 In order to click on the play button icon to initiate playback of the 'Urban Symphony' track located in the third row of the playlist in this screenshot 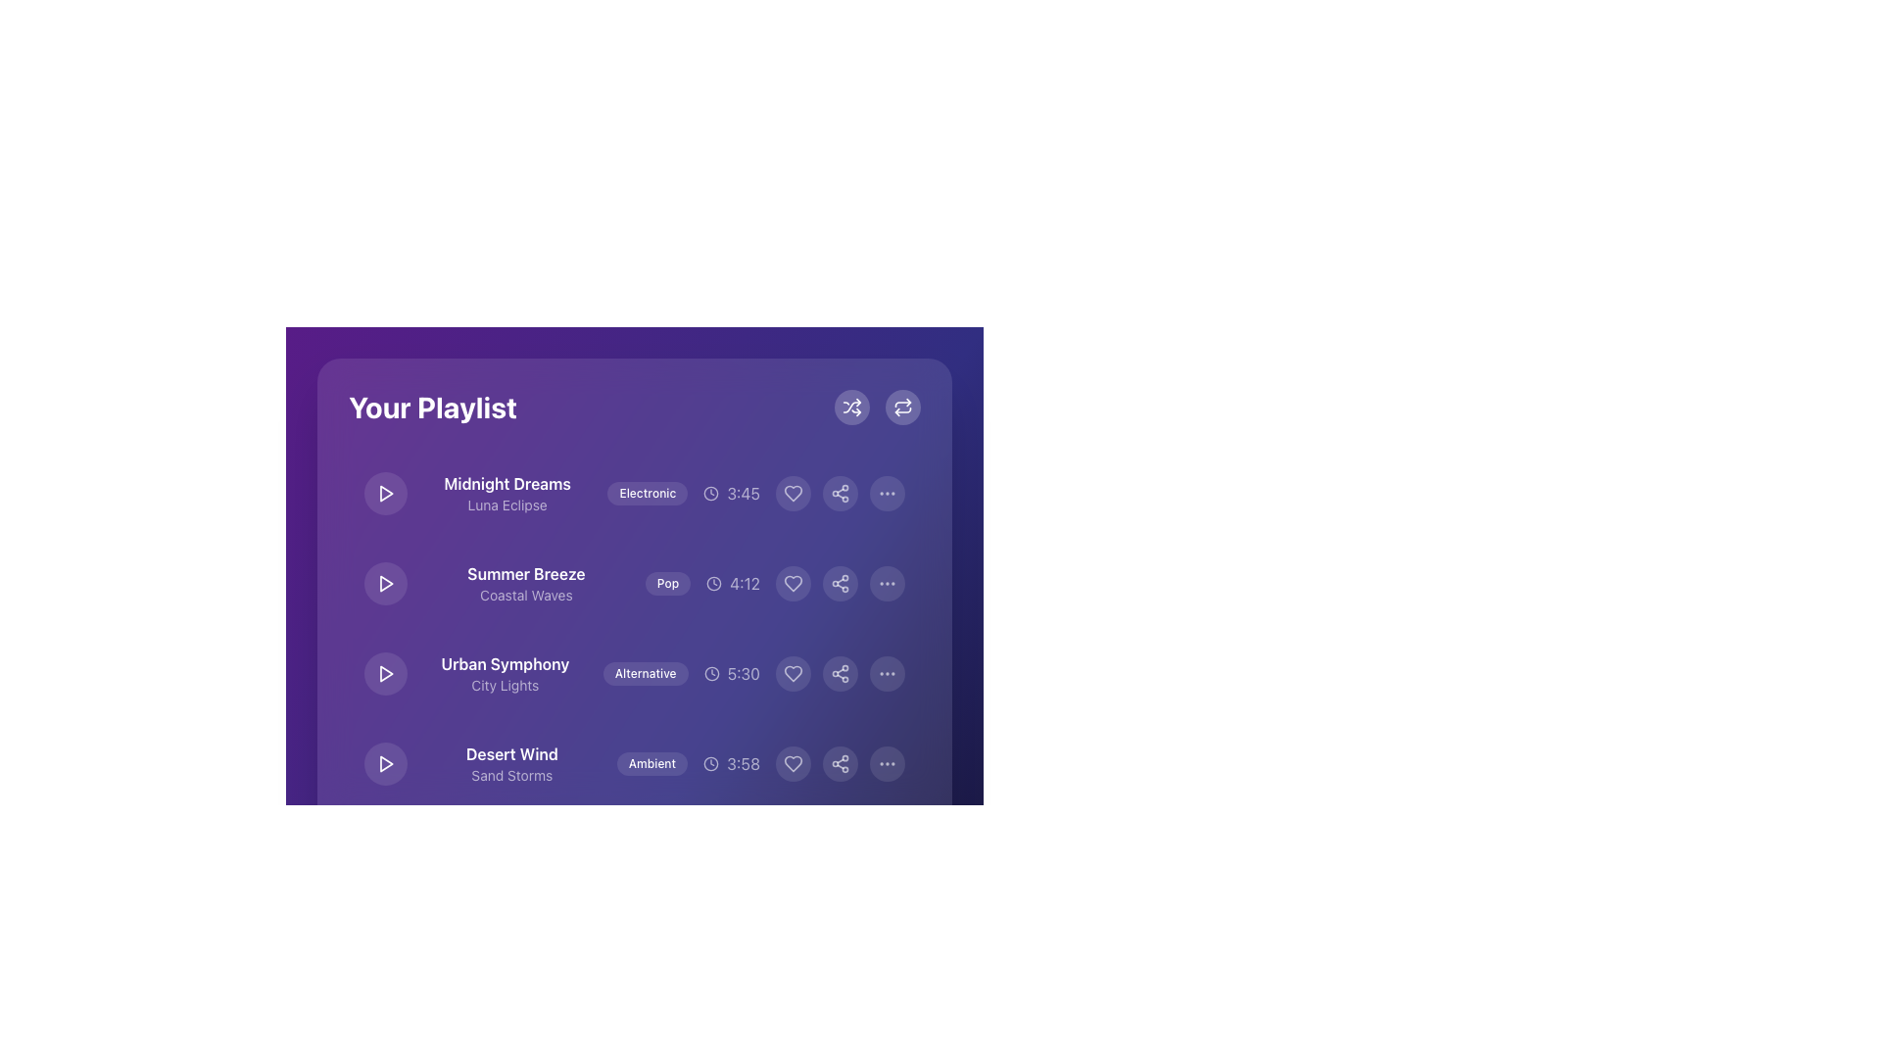, I will do `click(386, 672)`.